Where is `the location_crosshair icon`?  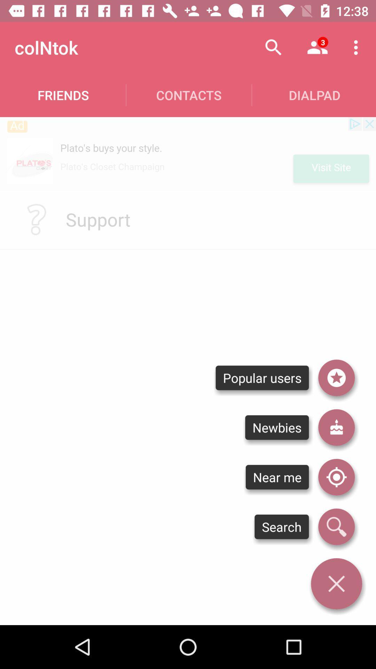 the location_crosshair icon is located at coordinates (336, 477).